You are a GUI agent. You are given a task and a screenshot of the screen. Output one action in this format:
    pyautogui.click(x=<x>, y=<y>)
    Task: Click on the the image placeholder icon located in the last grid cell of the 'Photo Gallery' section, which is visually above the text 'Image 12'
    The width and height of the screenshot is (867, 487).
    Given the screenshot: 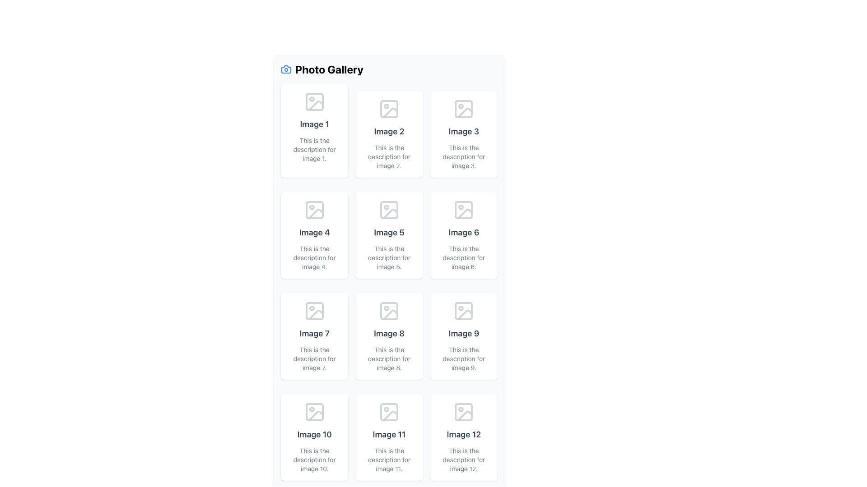 What is the action you would take?
    pyautogui.click(x=464, y=412)
    